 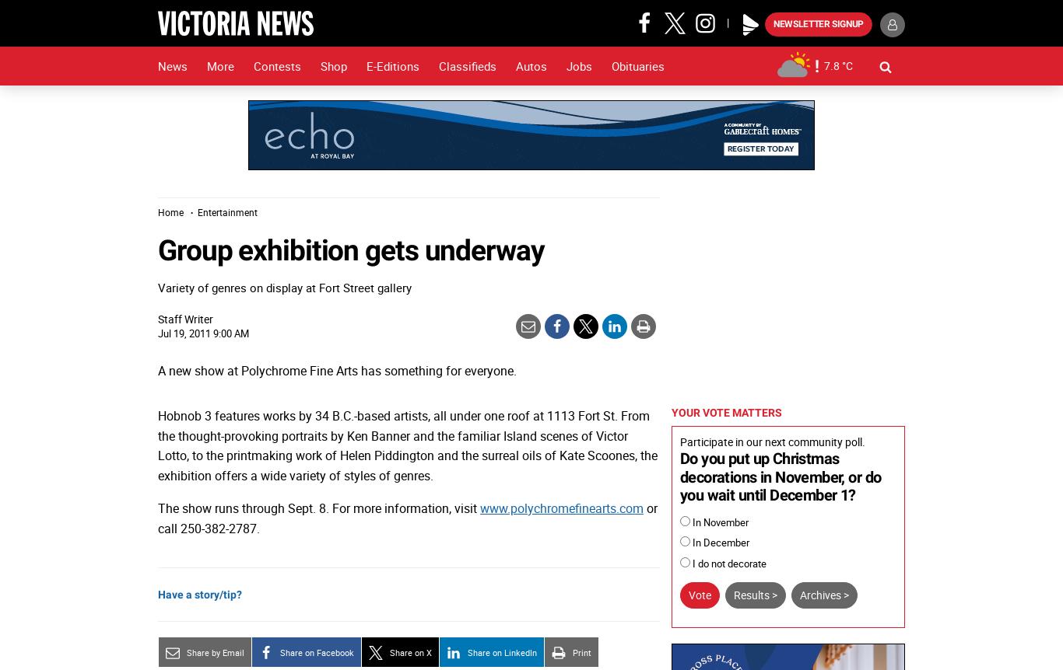 I want to click on 'Do you put up Christmas decorations in November, or do you wait until December 1?', so click(x=781, y=477).